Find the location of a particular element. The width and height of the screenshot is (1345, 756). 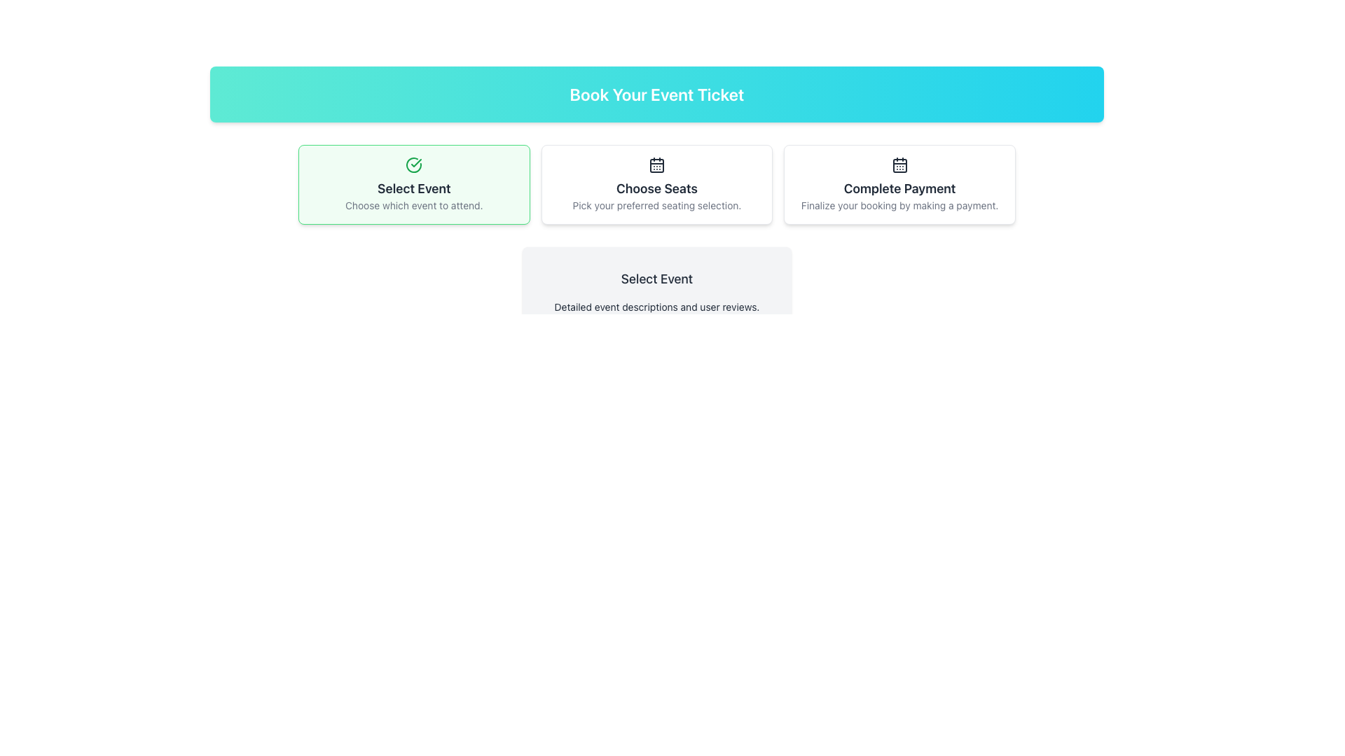

the green circular icon with a checkmark inside it, located at the top section of the card labeled 'Select Event' is located at coordinates (413, 164).